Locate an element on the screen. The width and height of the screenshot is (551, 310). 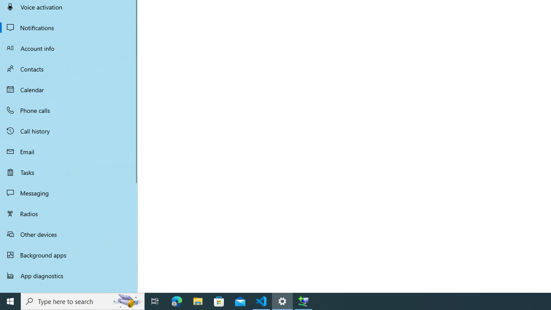
'Extensible Wizards Host Process - 1 running window' is located at coordinates (303, 301).